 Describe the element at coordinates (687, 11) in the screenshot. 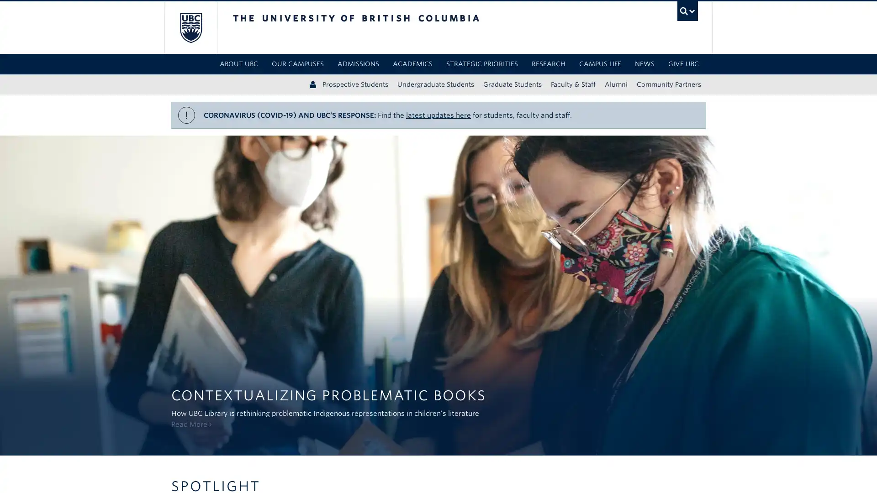

I see `search trigger` at that location.